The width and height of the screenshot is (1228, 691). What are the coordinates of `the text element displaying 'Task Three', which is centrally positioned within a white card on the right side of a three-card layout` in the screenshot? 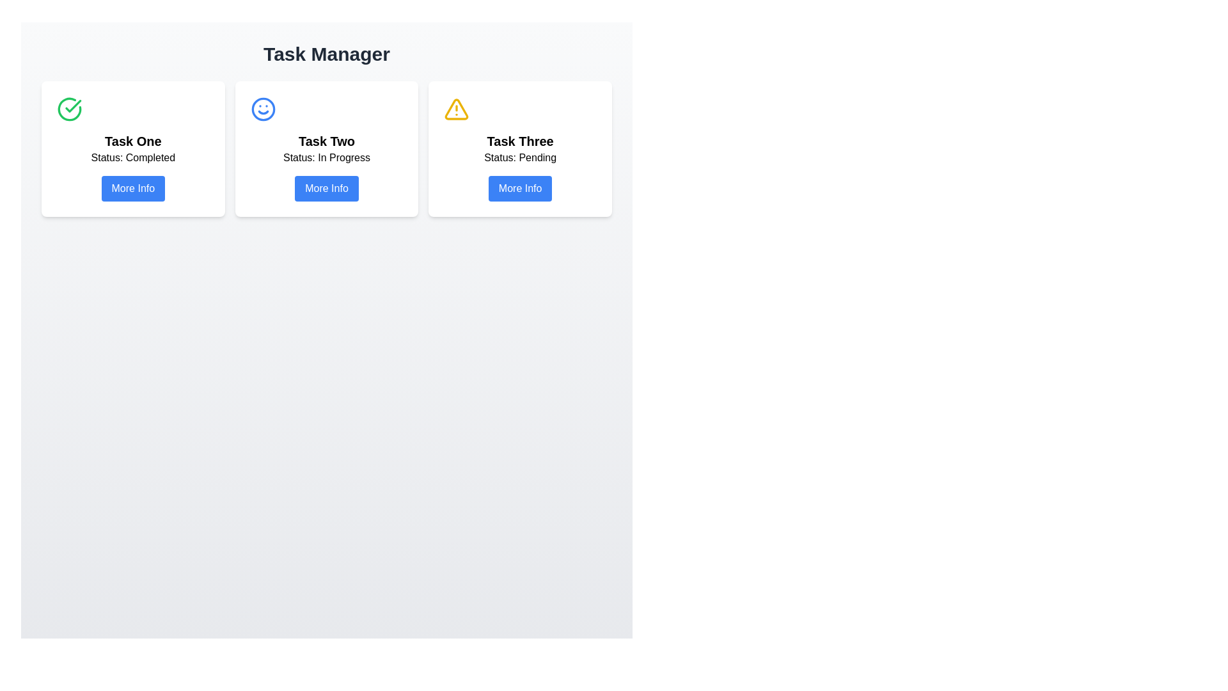 It's located at (520, 141).